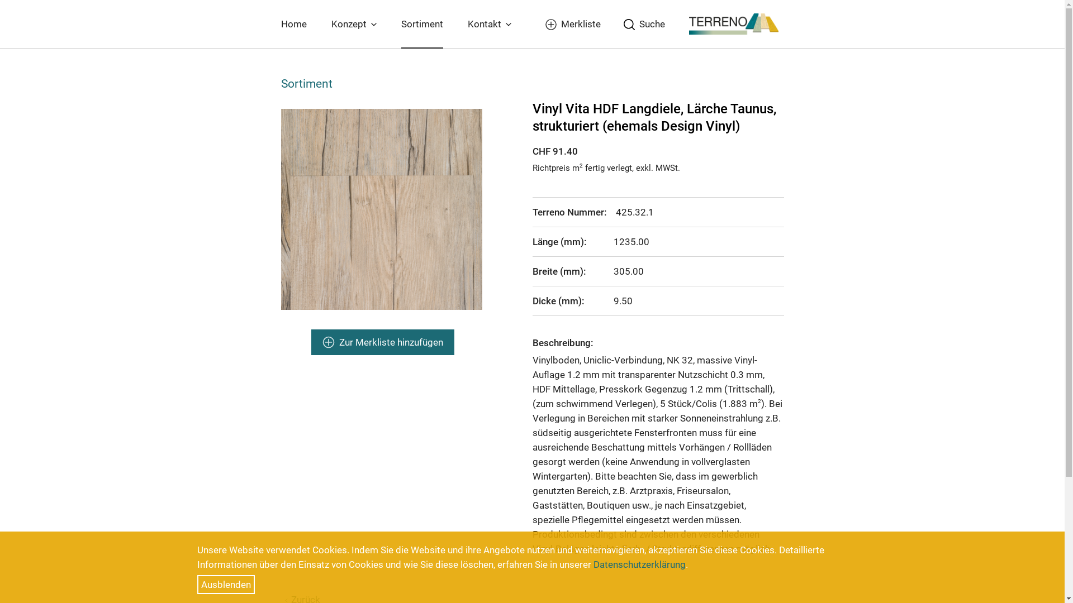 The width and height of the screenshot is (1073, 603). What do you see at coordinates (571, 23) in the screenshot?
I see `'Merkliste'` at bounding box center [571, 23].